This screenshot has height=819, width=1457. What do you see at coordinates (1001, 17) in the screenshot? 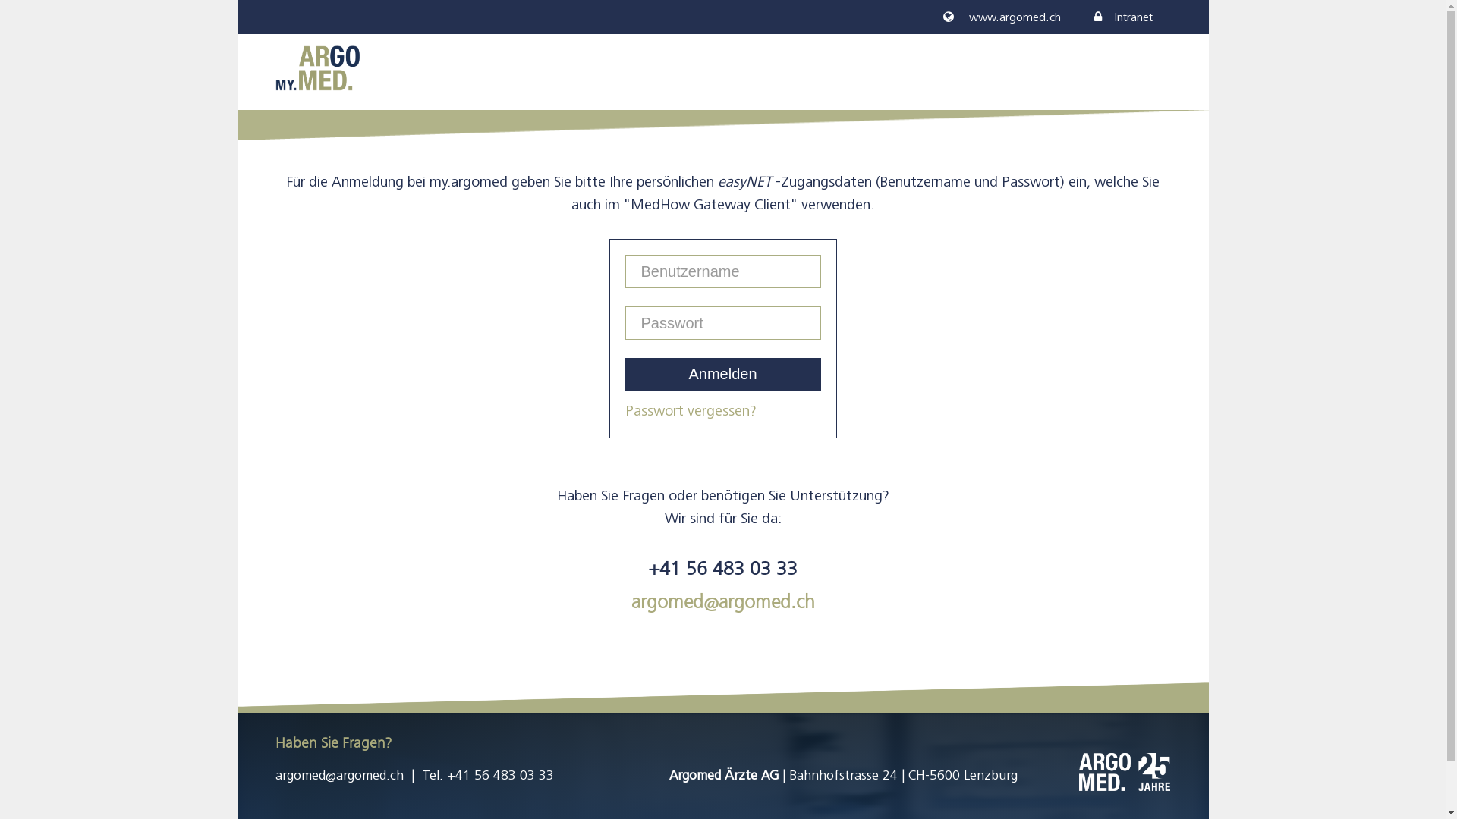
I see `' www.argomed.ch'` at bounding box center [1001, 17].